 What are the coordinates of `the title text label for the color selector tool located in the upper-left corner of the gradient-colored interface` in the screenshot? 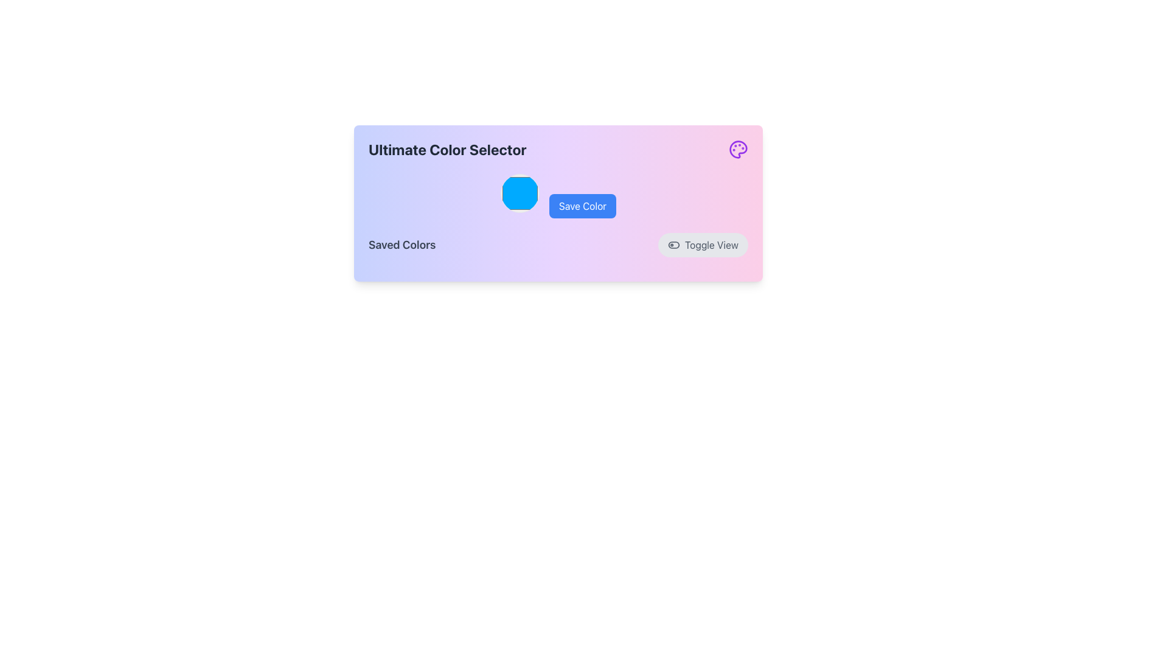 It's located at (447, 149).